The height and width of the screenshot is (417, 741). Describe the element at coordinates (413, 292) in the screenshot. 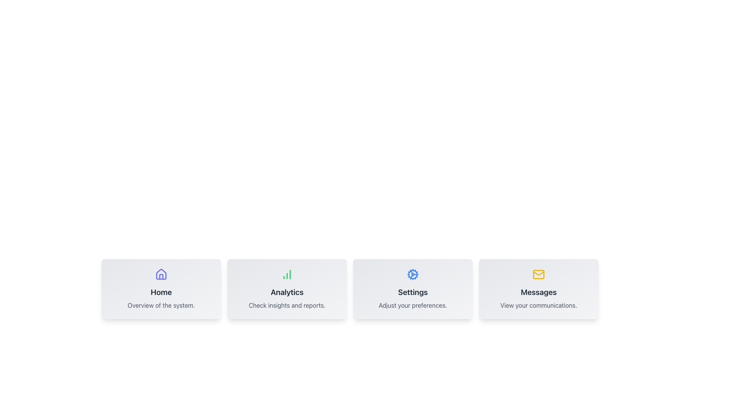

I see `the text content of the 'Settings' label, which is a bold, large font text displayed in dark gray within the third card of four horizontally aligned cards` at that location.